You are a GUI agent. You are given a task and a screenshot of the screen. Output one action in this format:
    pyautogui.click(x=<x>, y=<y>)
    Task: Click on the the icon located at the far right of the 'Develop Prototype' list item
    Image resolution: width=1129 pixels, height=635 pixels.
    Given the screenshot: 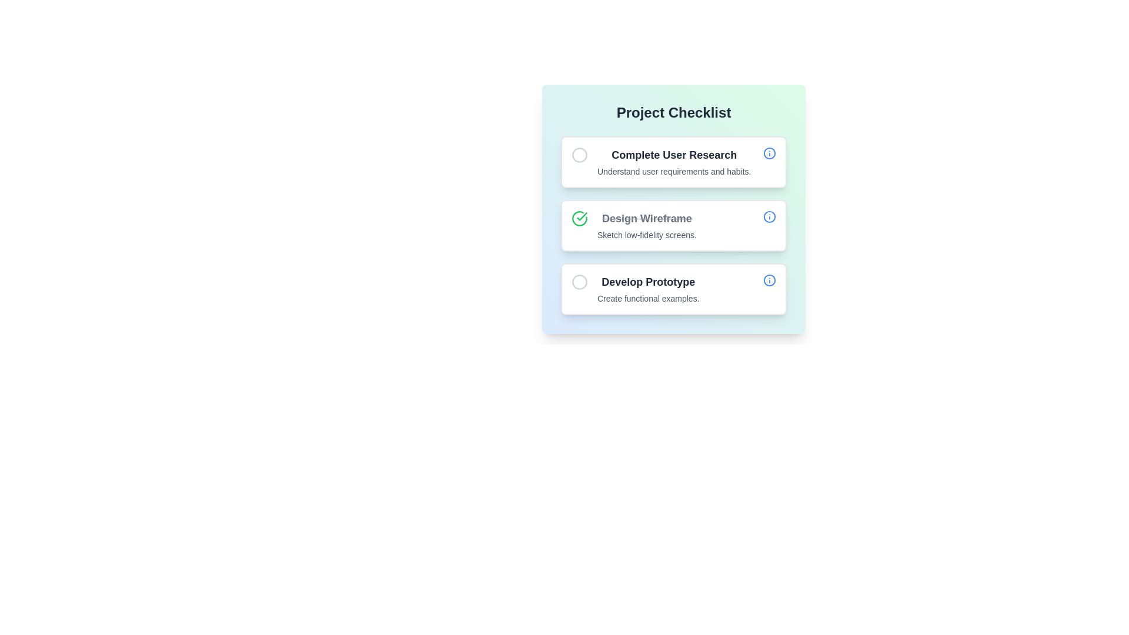 What is the action you would take?
    pyautogui.click(x=770, y=280)
    